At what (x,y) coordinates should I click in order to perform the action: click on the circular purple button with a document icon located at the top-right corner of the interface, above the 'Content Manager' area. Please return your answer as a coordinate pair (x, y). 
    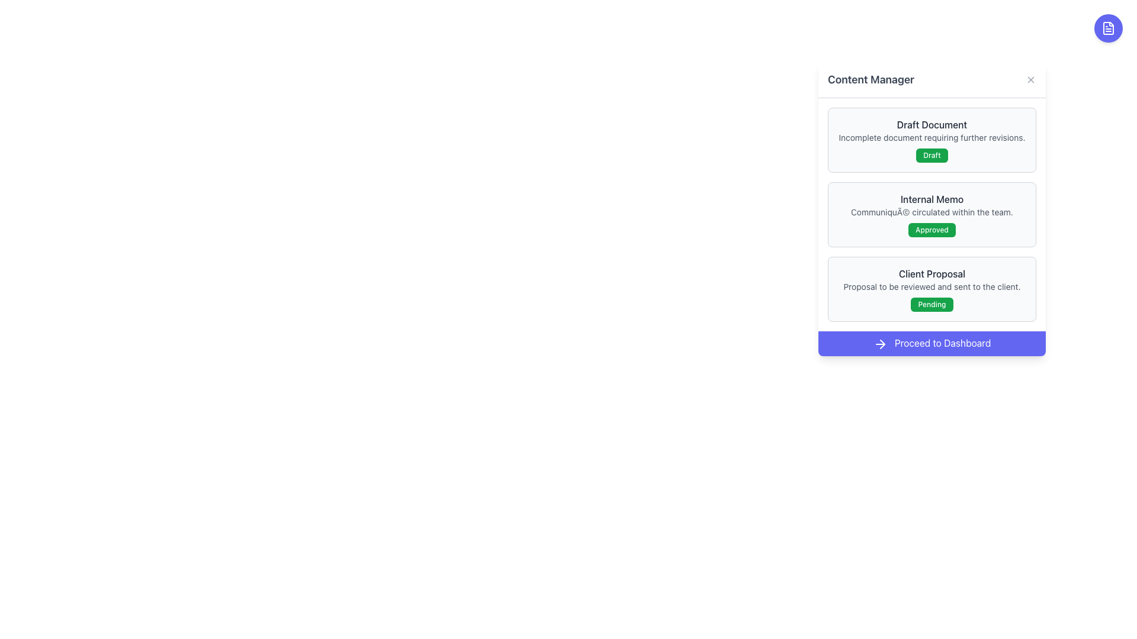
    Looking at the image, I should click on (1108, 27).